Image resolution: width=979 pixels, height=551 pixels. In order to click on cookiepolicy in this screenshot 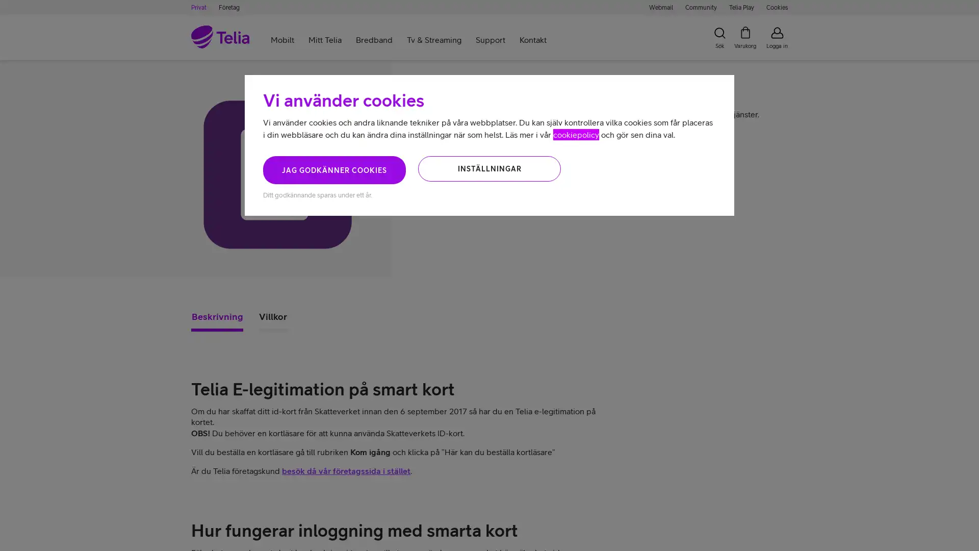, I will do `click(576, 134)`.